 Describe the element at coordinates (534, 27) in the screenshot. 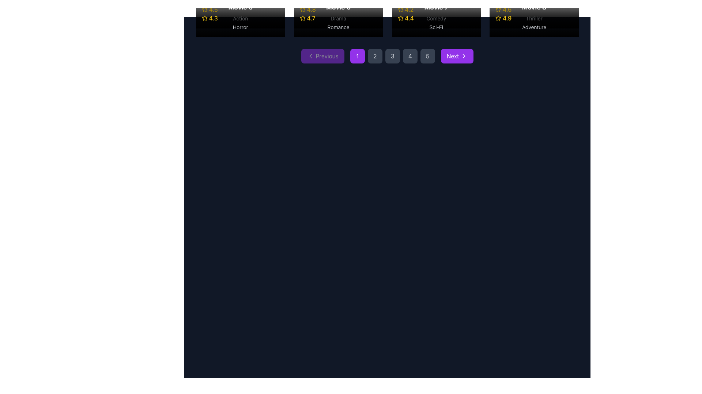

I see `the static text label displaying 'Adventure' located at the bottom right corner of the movie card to read its information` at that location.